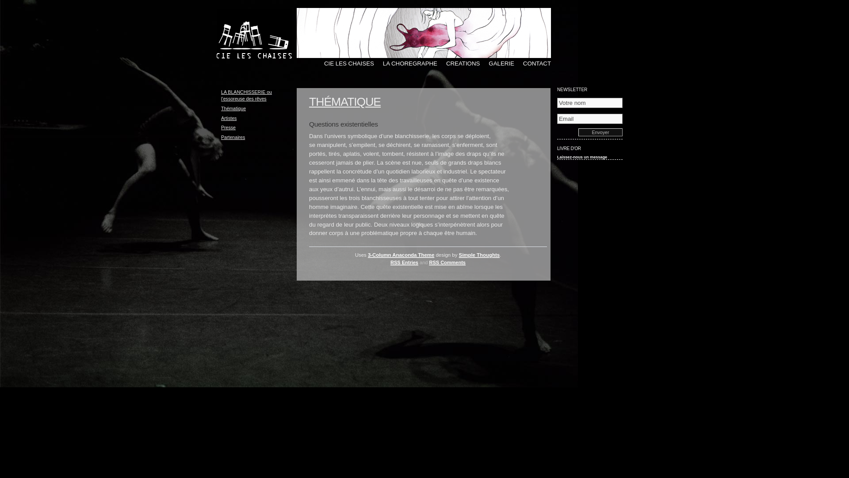 This screenshot has height=478, width=849. Describe the element at coordinates (582, 156) in the screenshot. I see `'Laissez-nous un message'` at that location.